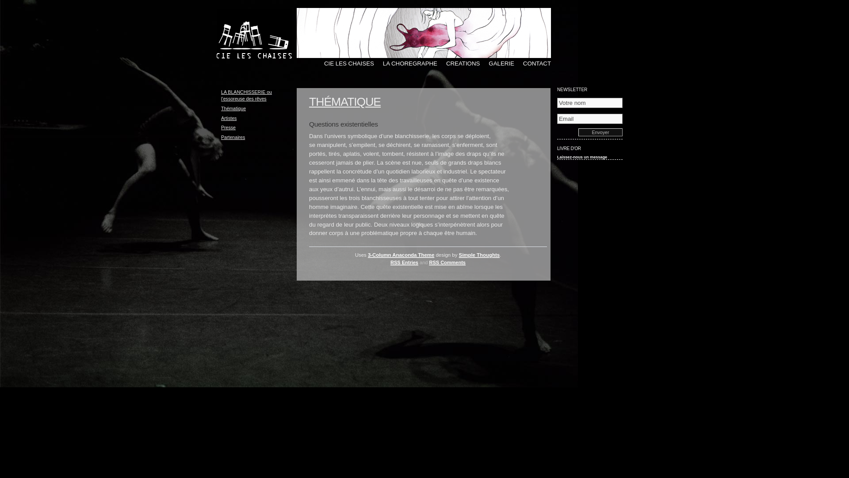 This screenshot has height=478, width=849. Describe the element at coordinates (582, 156) in the screenshot. I see `'Laissez-nous un message'` at that location.